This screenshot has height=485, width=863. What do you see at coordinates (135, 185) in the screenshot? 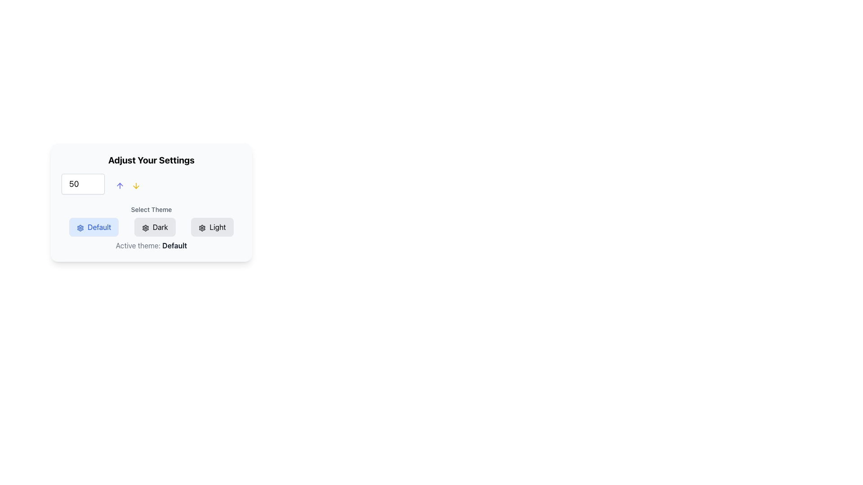
I see `the yellow downward-pointing arrow icon button located in the middle of the settings panel, adjacent to an input box displaying '50'` at bounding box center [135, 185].